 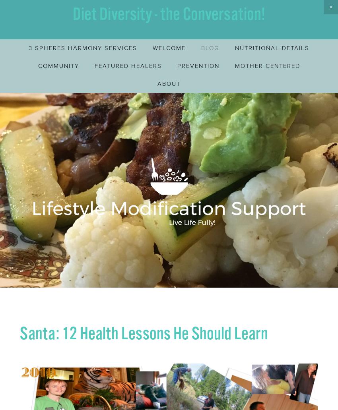 What do you see at coordinates (128, 65) in the screenshot?
I see `'Featured Healers'` at bounding box center [128, 65].